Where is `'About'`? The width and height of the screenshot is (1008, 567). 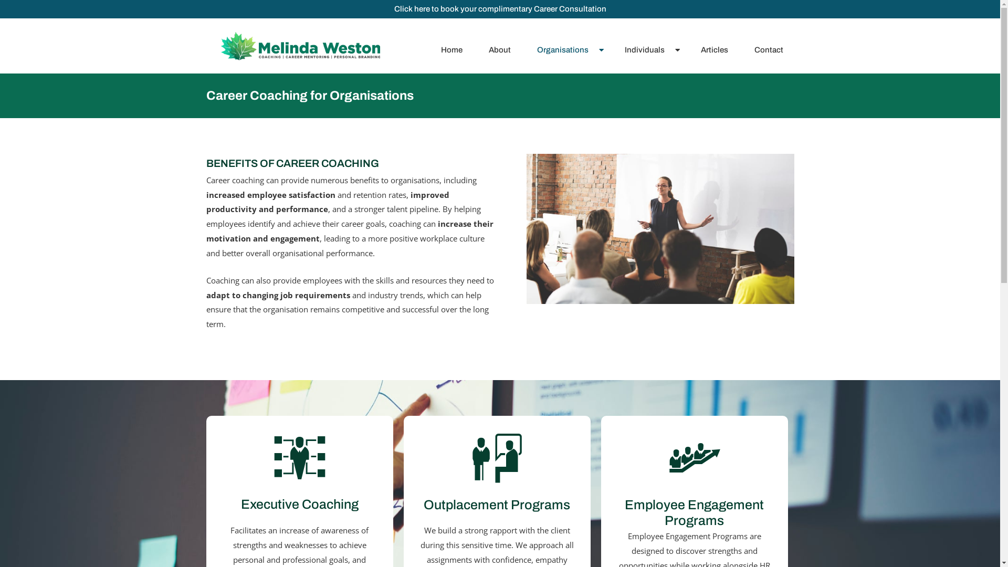
'About' is located at coordinates (501, 50).